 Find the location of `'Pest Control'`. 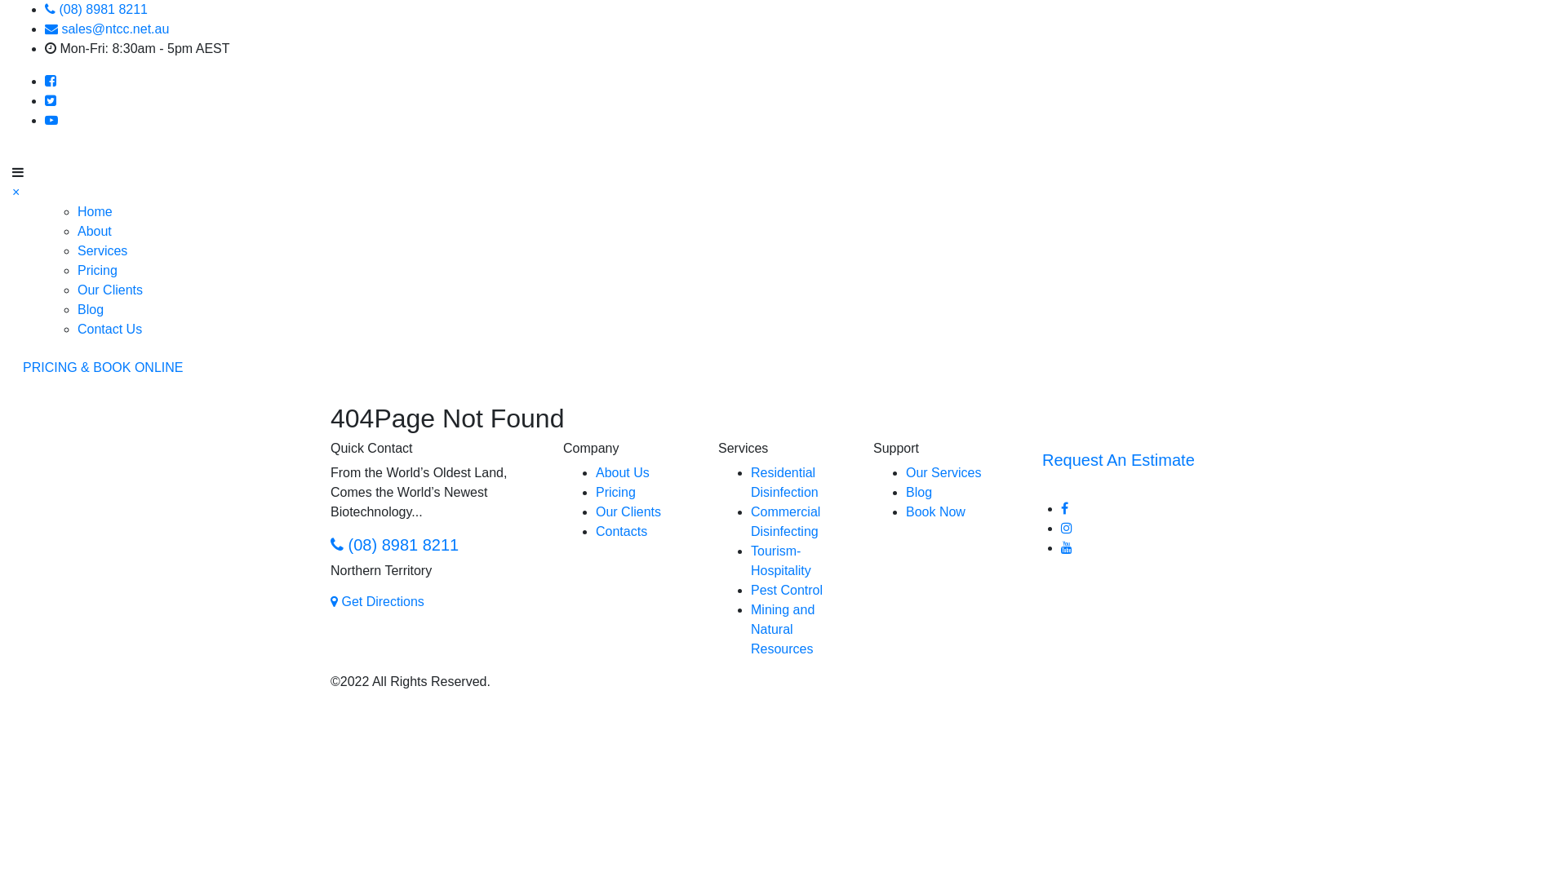

'Pest Control' is located at coordinates (750, 590).